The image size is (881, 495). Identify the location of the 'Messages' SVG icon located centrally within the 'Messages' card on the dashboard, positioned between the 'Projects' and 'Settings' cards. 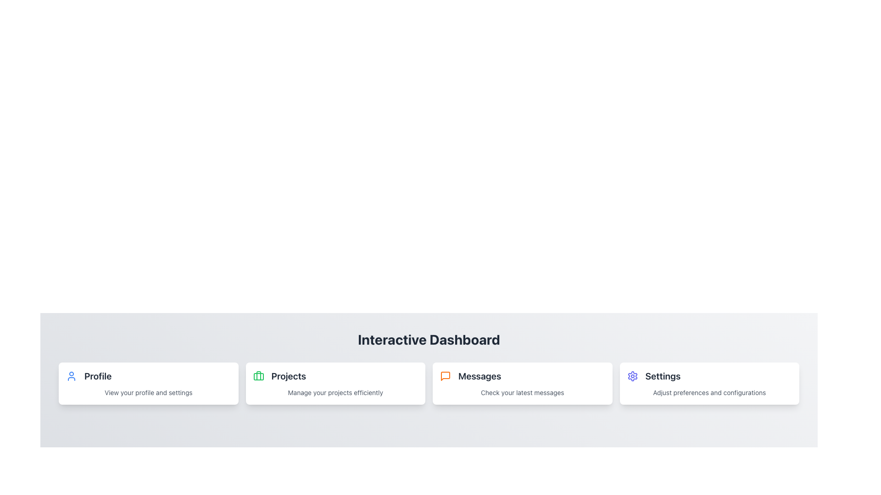
(445, 376).